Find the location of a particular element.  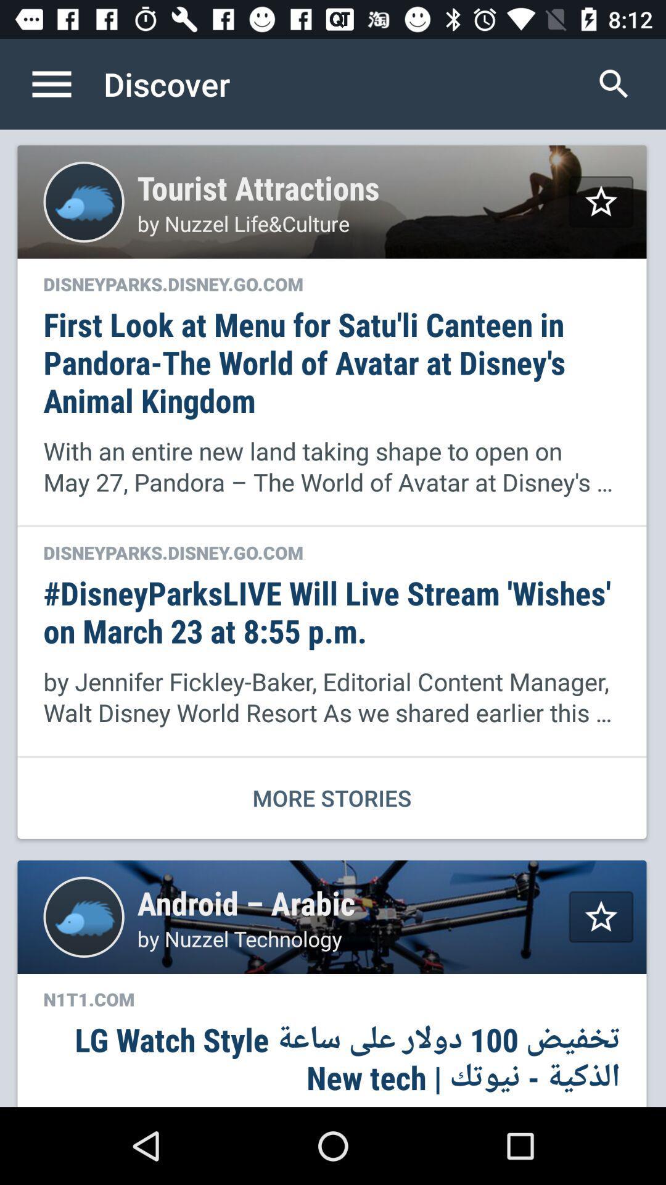

to favorites is located at coordinates (601, 917).